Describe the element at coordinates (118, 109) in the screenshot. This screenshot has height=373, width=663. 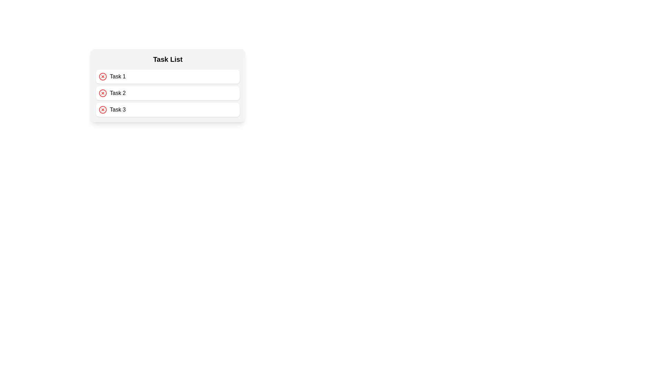
I see `the text label displaying 'Task 3', which is aligned with a red circular icon with an 'X' inside, positioned within a task list` at that location.